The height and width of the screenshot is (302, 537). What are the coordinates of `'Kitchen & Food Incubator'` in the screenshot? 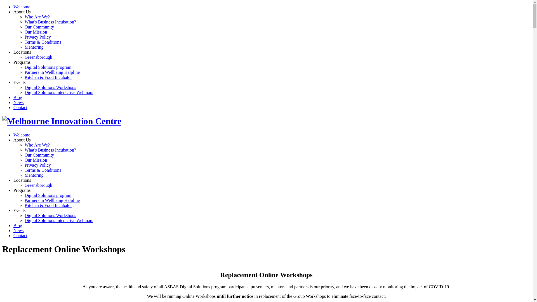 It's located at (48, 77).